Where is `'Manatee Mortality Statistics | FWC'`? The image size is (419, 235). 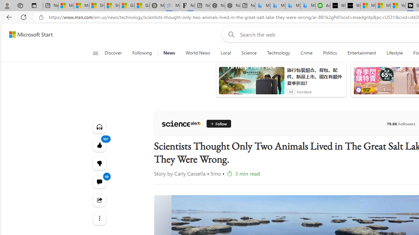 'Manatee Mortality Statistics | FWC' is located at coordinates (157, 6).